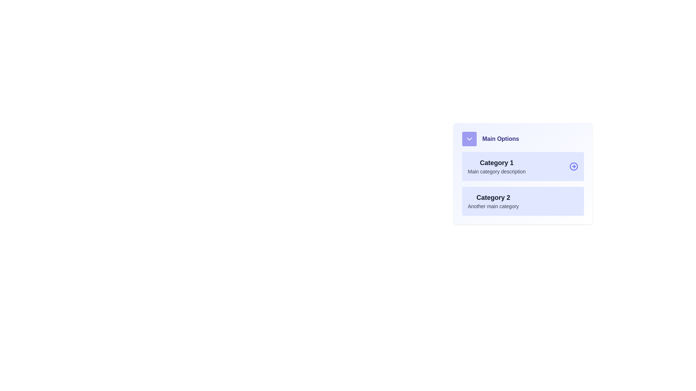 Image resolution: width=696 pixels, height=391 pixels. Describe the element at coordinates (500, 139) in the screenshot. I see `the static text label displaying 'Main Options' in bold indigo font` at that location.